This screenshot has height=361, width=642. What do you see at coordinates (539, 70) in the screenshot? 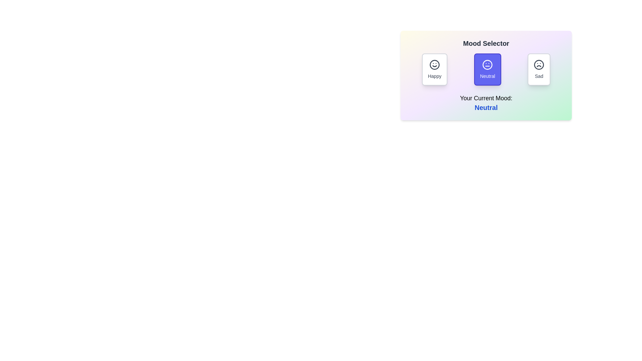
I see `the 'Sad' mood selection button in the mood selector widget` at bounding box center [539, 70].